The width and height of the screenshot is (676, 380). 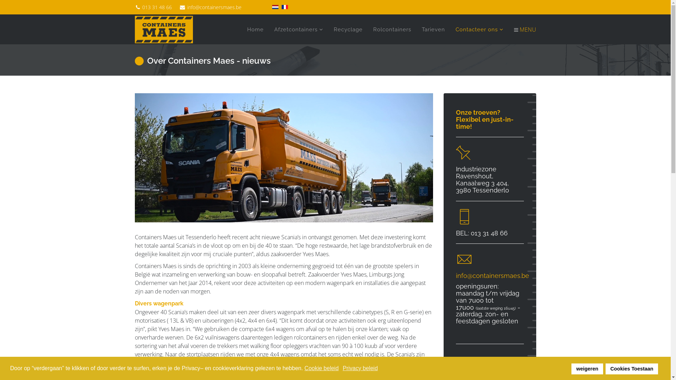 What do you see at coordinates (492, 275) in the screenshot?
I see `'info@containersmaes.be'` at bounding box center [492, 275].